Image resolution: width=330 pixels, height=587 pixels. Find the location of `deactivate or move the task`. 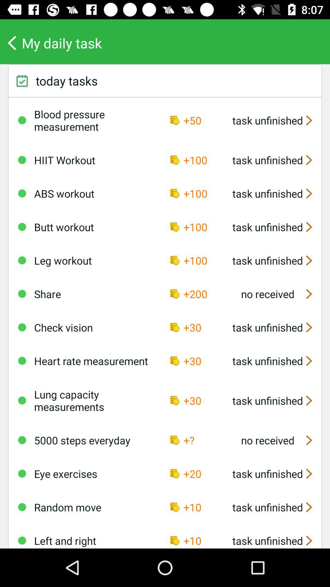

deactivate or move the task is located at coordinates (22, 160).